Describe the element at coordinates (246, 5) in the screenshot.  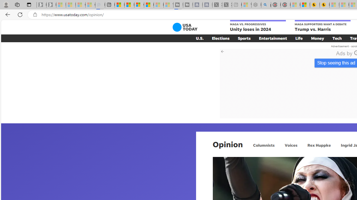
I see `'Wildlife - MSN - Sleeping'` at that location.